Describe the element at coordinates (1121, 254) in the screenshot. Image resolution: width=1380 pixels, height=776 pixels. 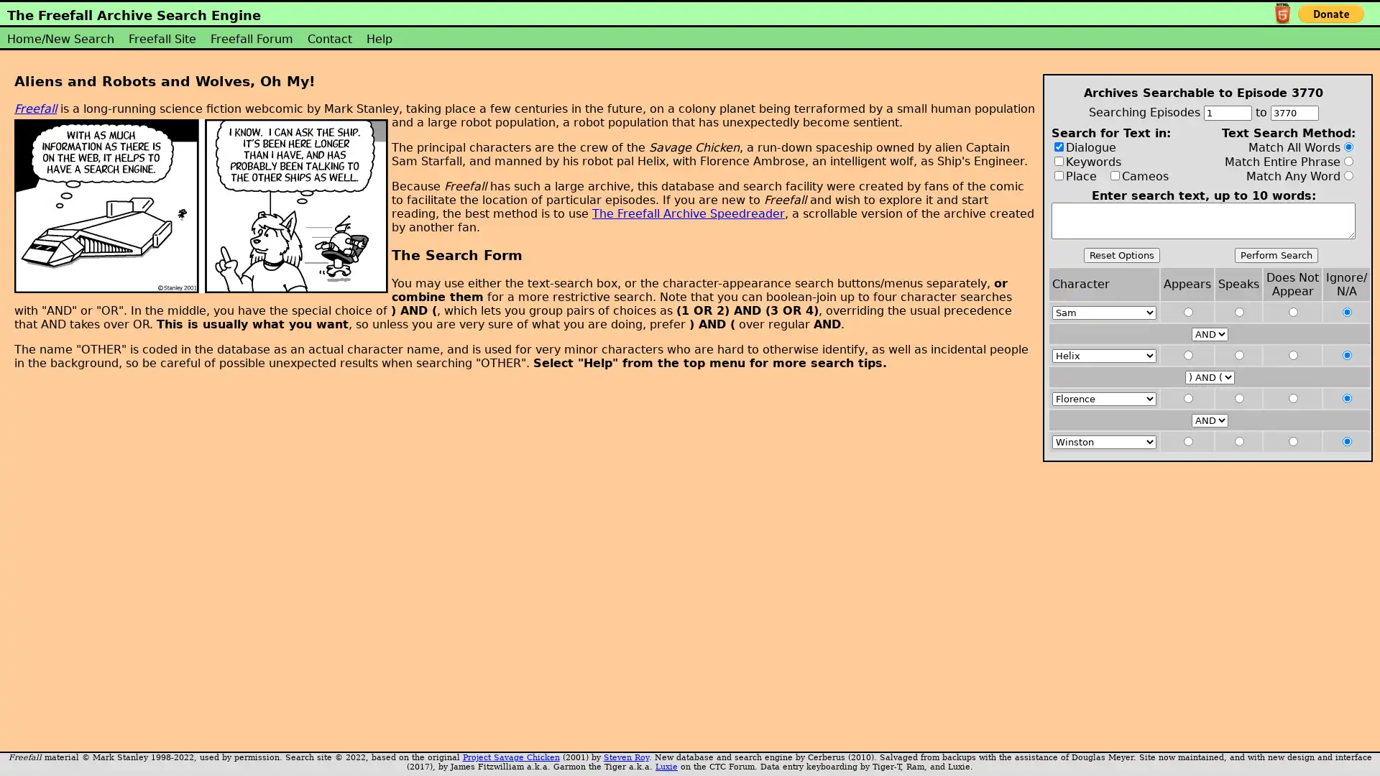
I see `Reset Options` at that location.